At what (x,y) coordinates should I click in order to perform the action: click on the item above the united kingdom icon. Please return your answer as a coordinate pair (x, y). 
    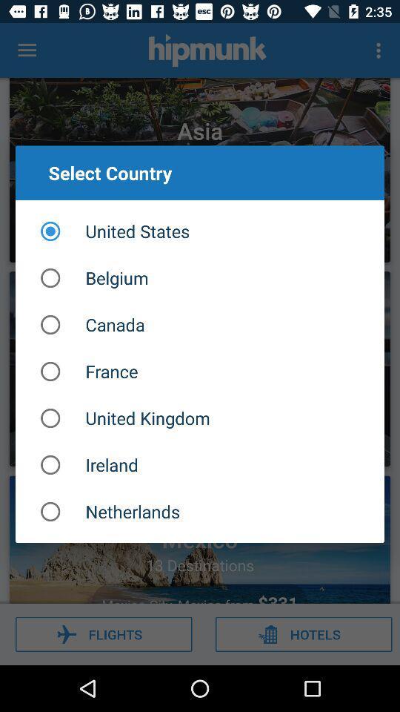
    Looking at the image, I should click on (200, 371).